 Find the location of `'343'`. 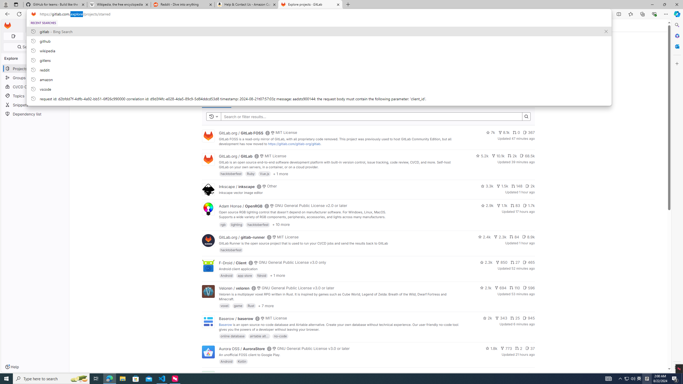

'343' is located at coordinates (501, 318).